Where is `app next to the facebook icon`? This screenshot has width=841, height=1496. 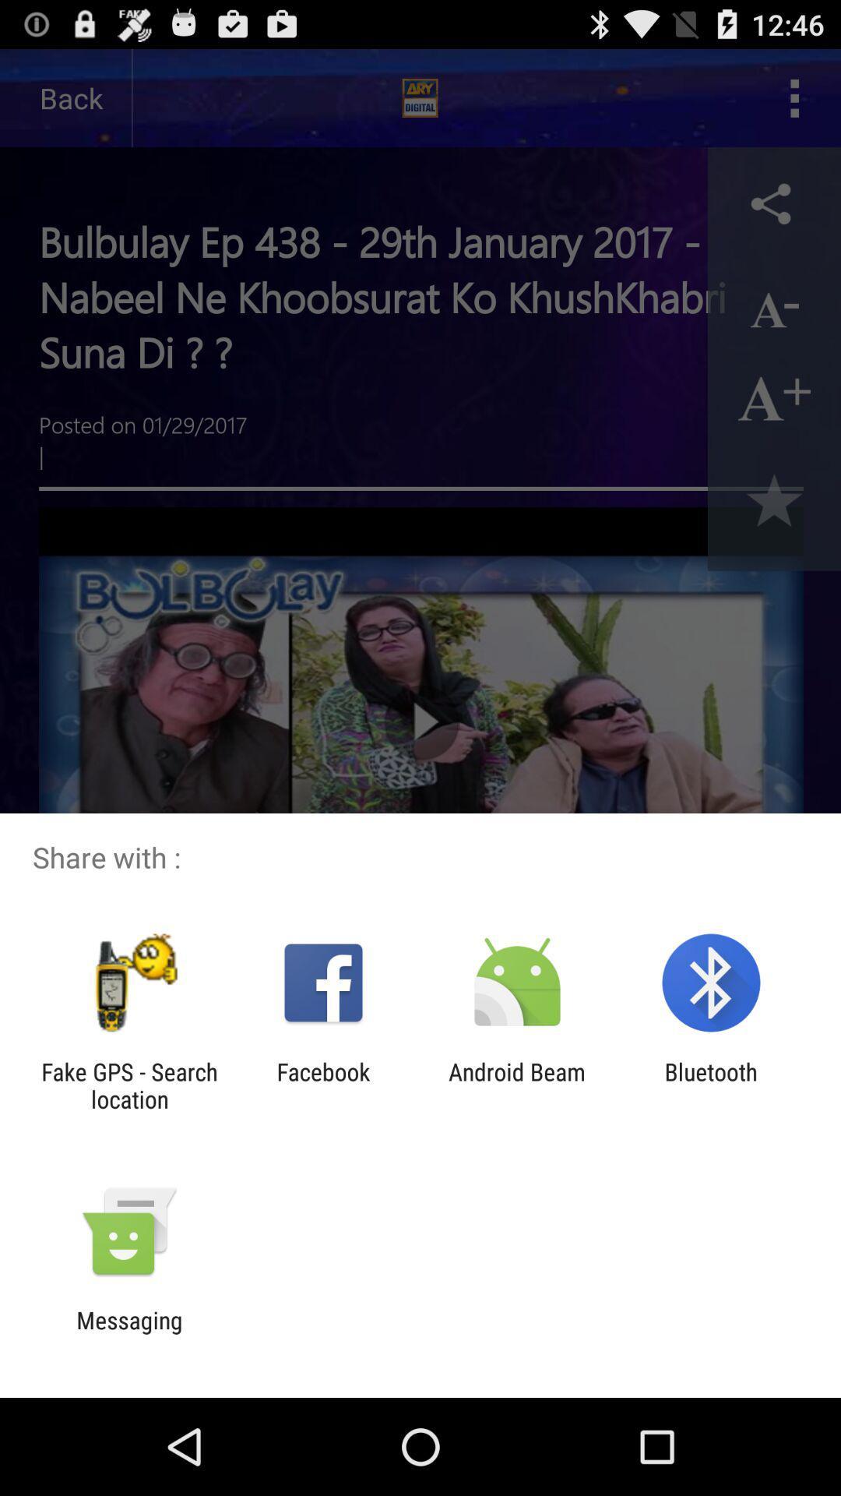 app next to the facebook icon is located at coordinates (128, 1085).